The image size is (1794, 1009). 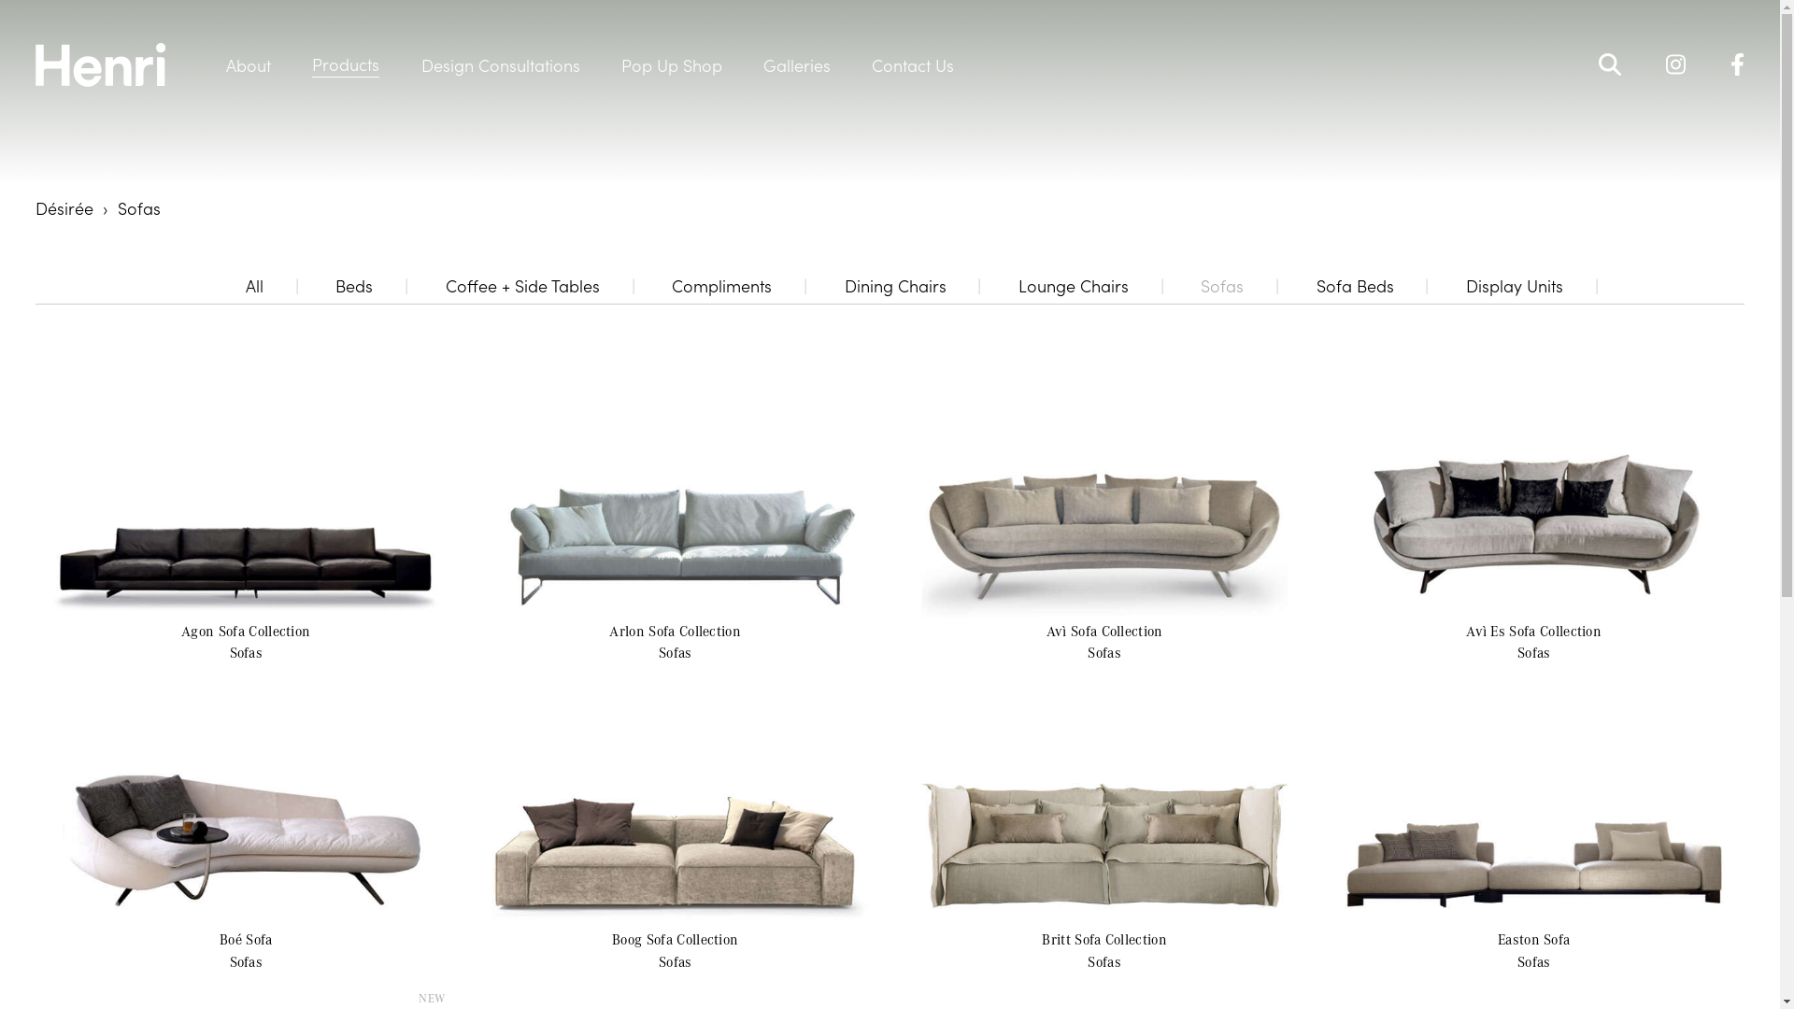 I want to click on 'Beds', so click(x=335, y=285).